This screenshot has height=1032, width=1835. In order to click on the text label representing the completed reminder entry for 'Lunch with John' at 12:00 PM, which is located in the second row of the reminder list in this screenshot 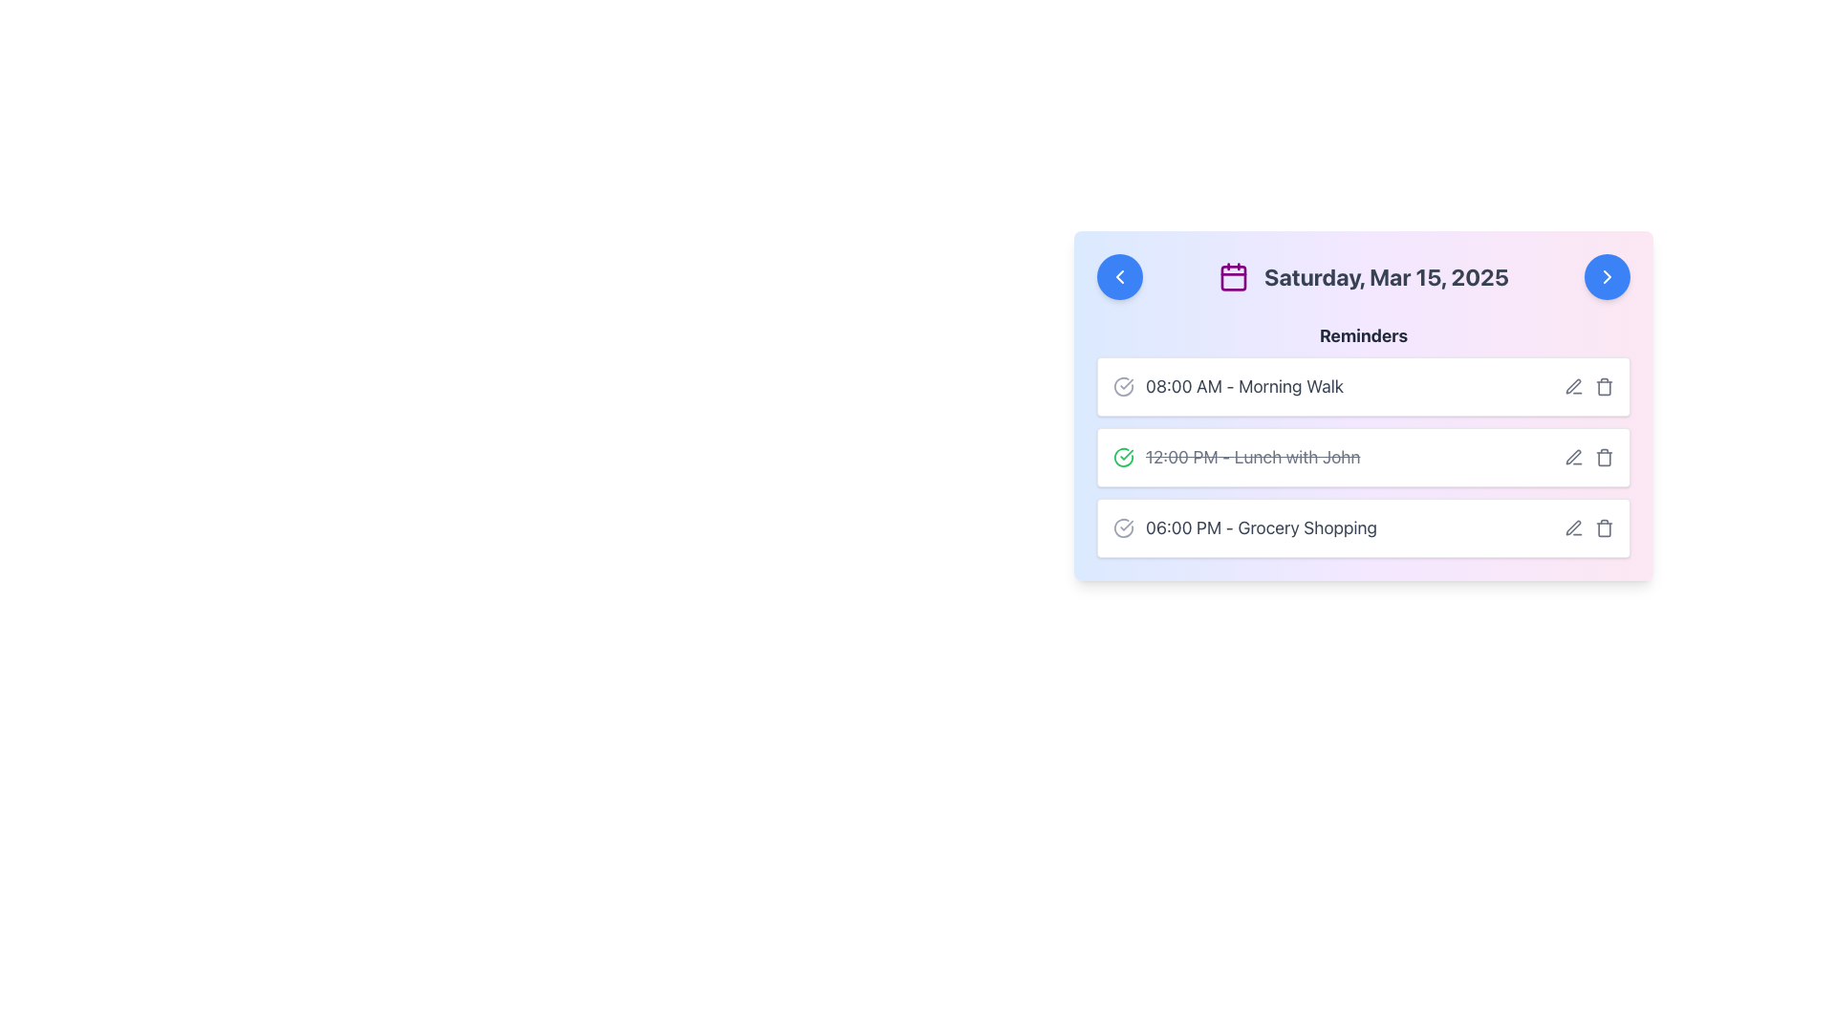, I will do `click(1253, 457)`.